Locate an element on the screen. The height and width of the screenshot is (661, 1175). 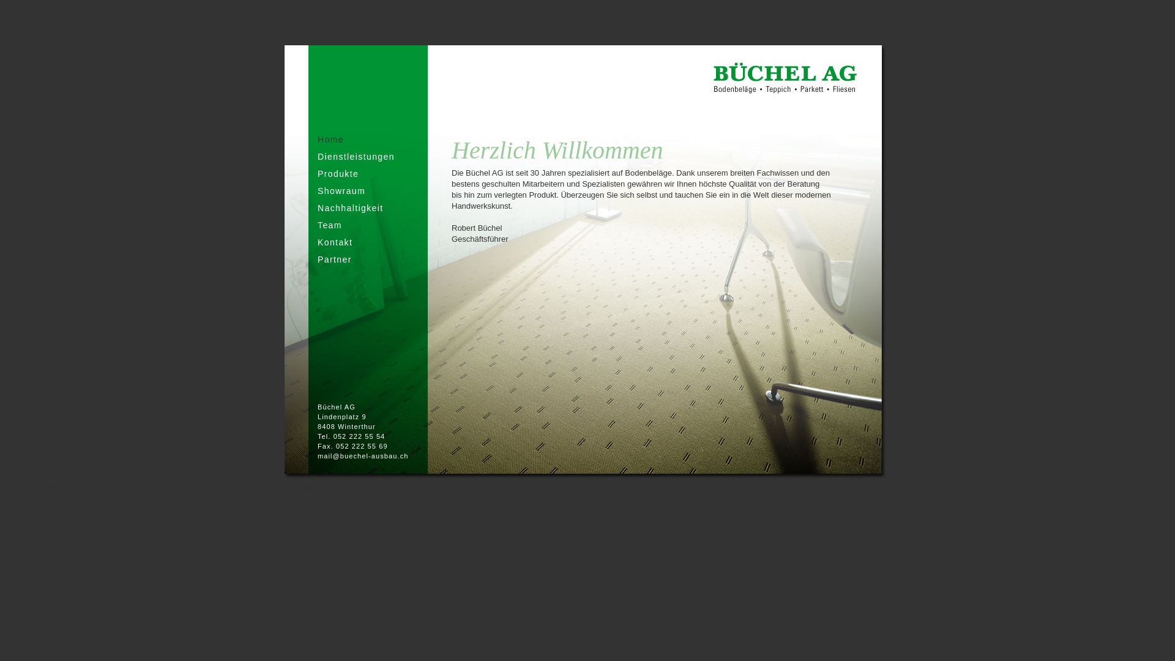
'Dienstleistungen' is located at coordinates (355, 155).